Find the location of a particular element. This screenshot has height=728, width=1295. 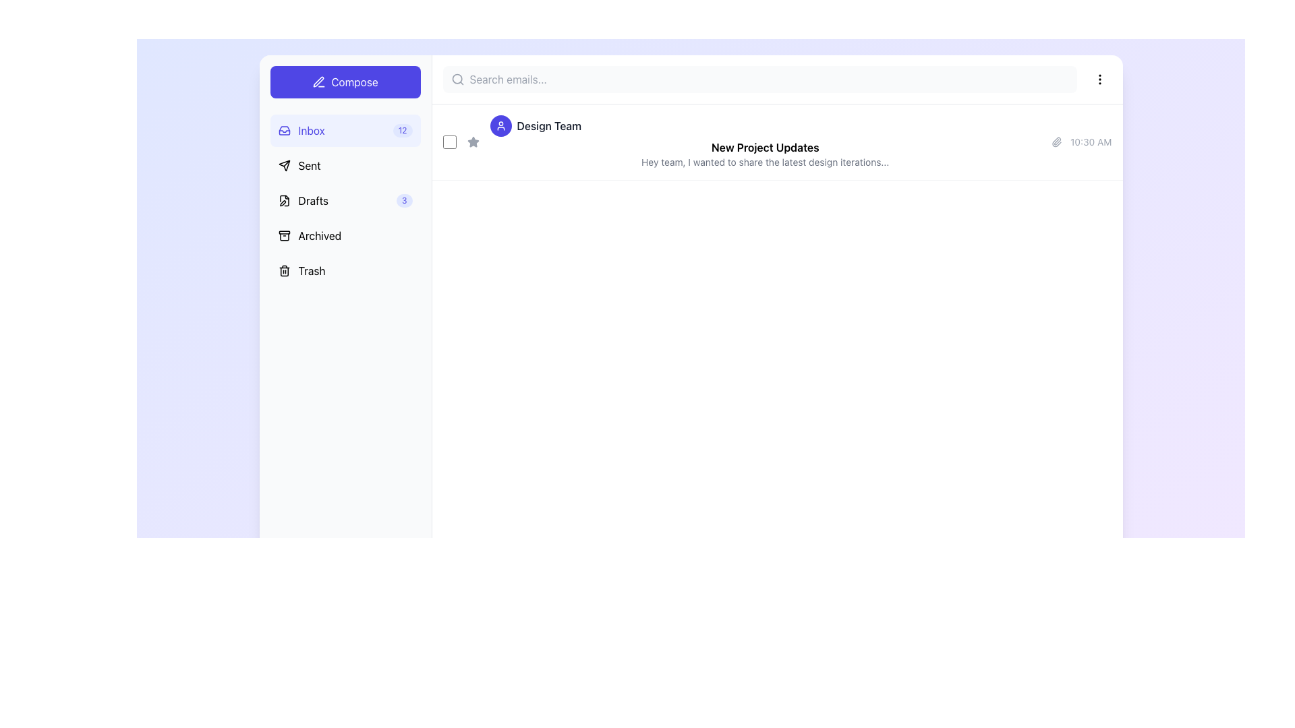

the top horizontal bar of the 'Archived' graphical icon component, which serves a decorative purpose is located at coordinates (283, 232).